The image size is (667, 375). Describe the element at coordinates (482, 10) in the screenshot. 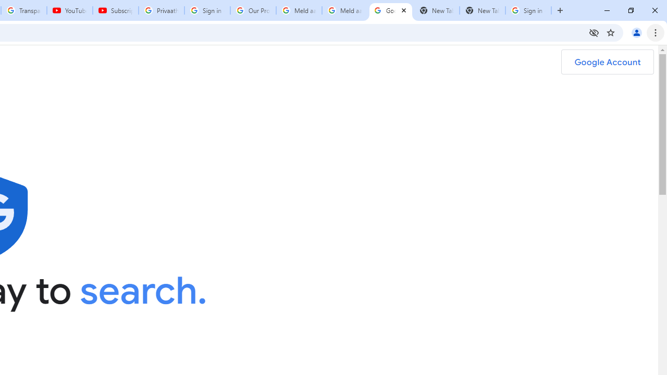

I see `'New Tab'` at that location.